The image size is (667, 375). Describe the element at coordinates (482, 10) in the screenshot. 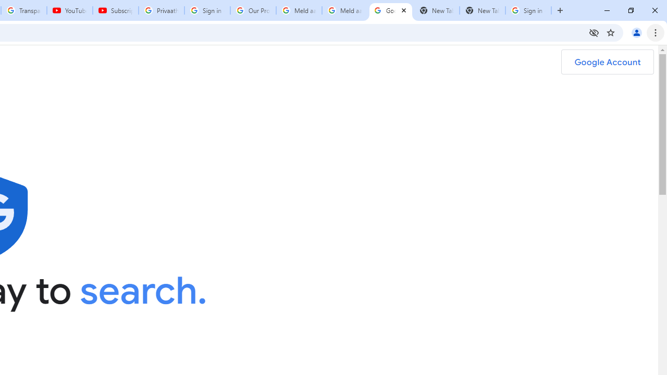

I see `'New Tab'` at that location.